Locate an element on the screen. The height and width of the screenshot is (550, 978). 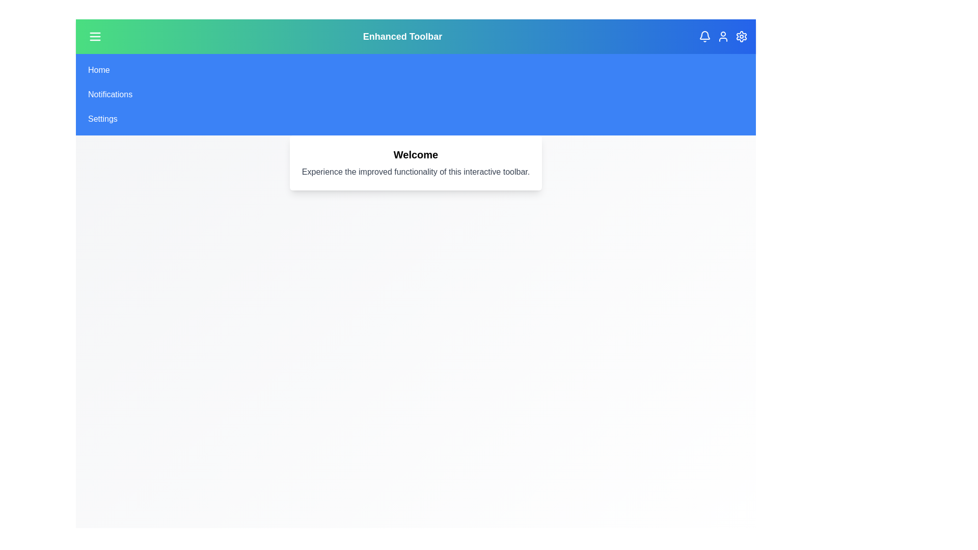
the settings icon in the toolbar is located at coordinates (741, 36).